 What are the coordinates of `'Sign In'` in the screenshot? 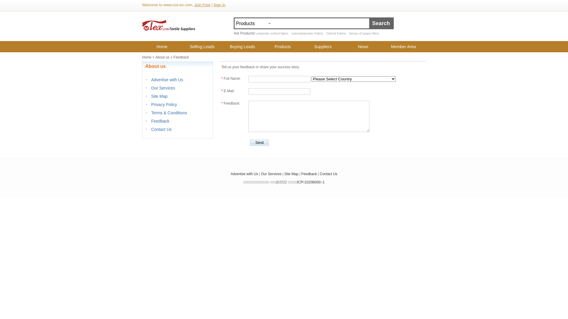 It's located at (219, 5).